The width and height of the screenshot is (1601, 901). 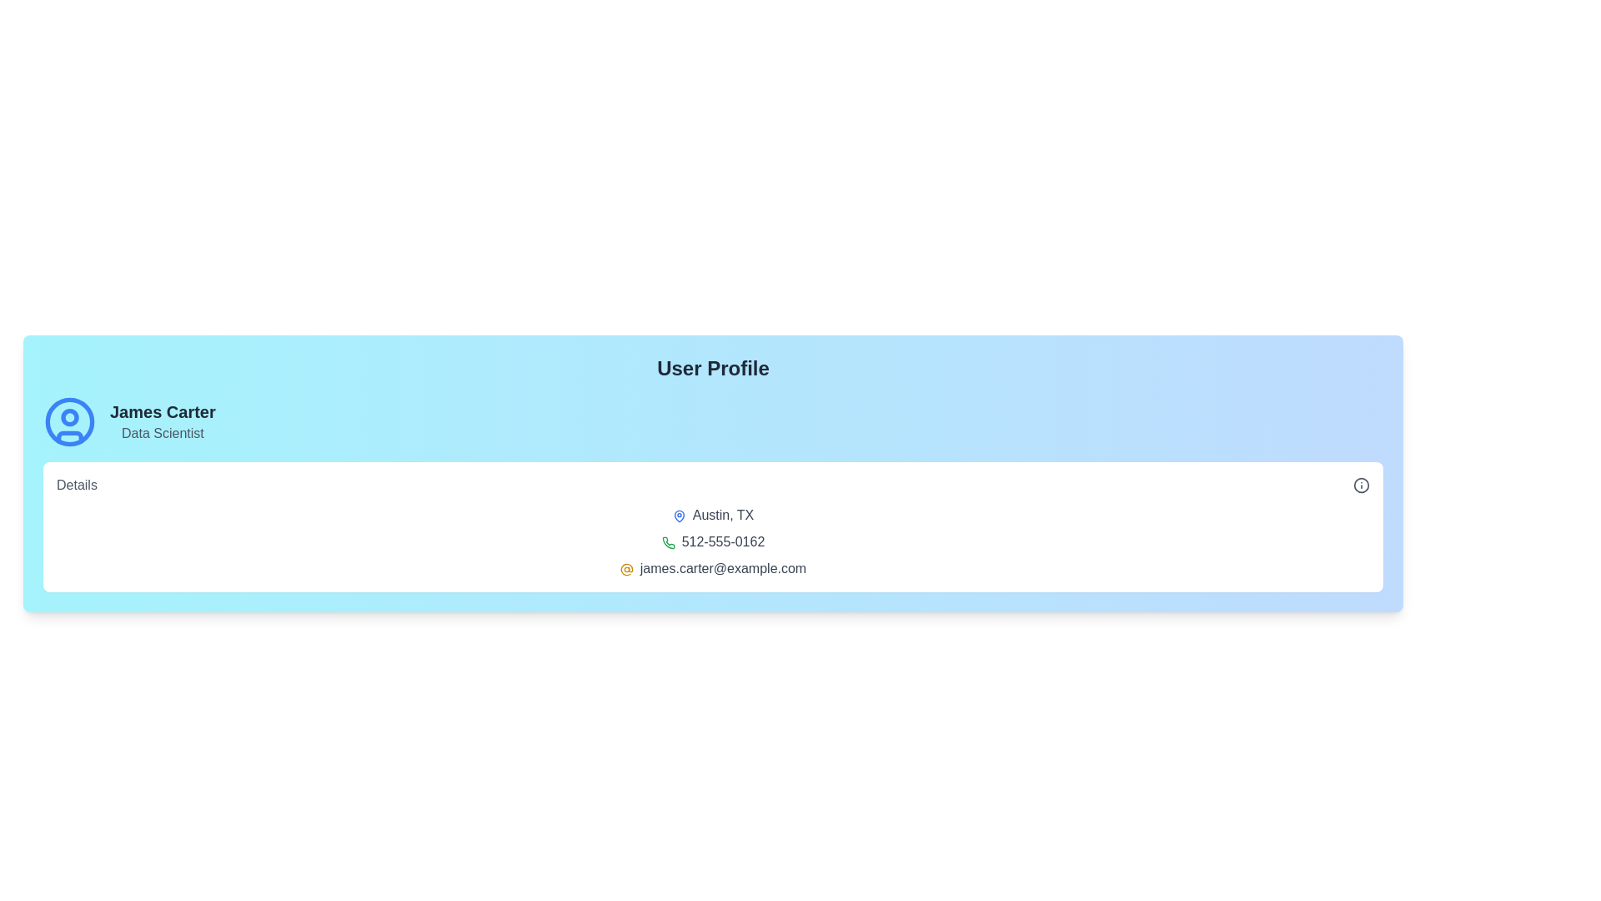 I want to click on the '@' icon element that is part of the email address 'james.carter@example.com', located to the left of the email text in the user profile section, so click(x=625, y=568).